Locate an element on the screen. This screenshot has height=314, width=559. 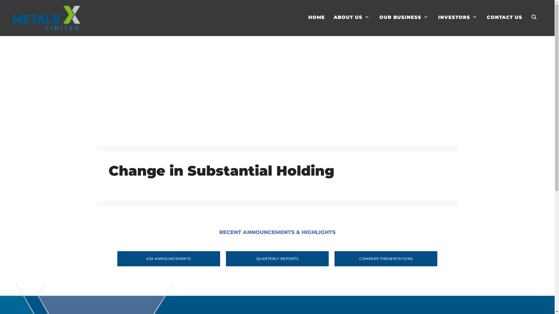
'ABOUT US' is located at coordinates (329, 17).